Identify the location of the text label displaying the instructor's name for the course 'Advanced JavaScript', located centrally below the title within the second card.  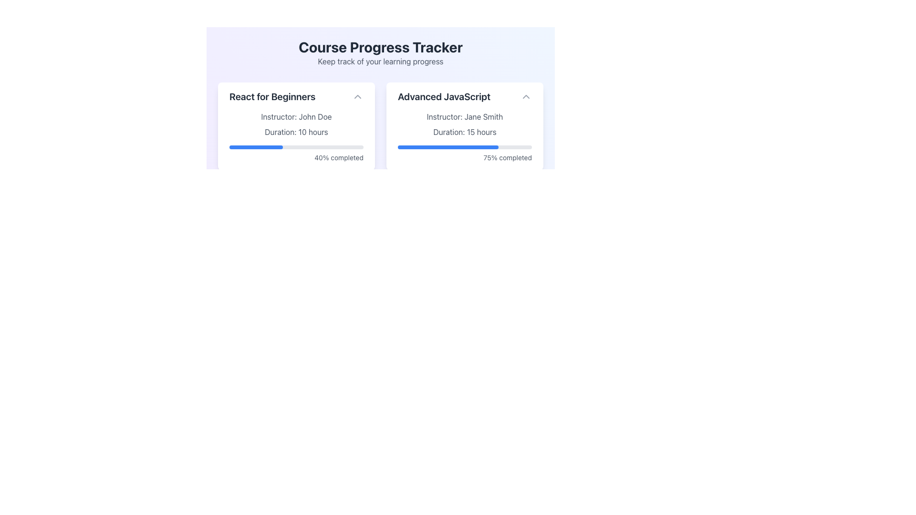
(465, 116).